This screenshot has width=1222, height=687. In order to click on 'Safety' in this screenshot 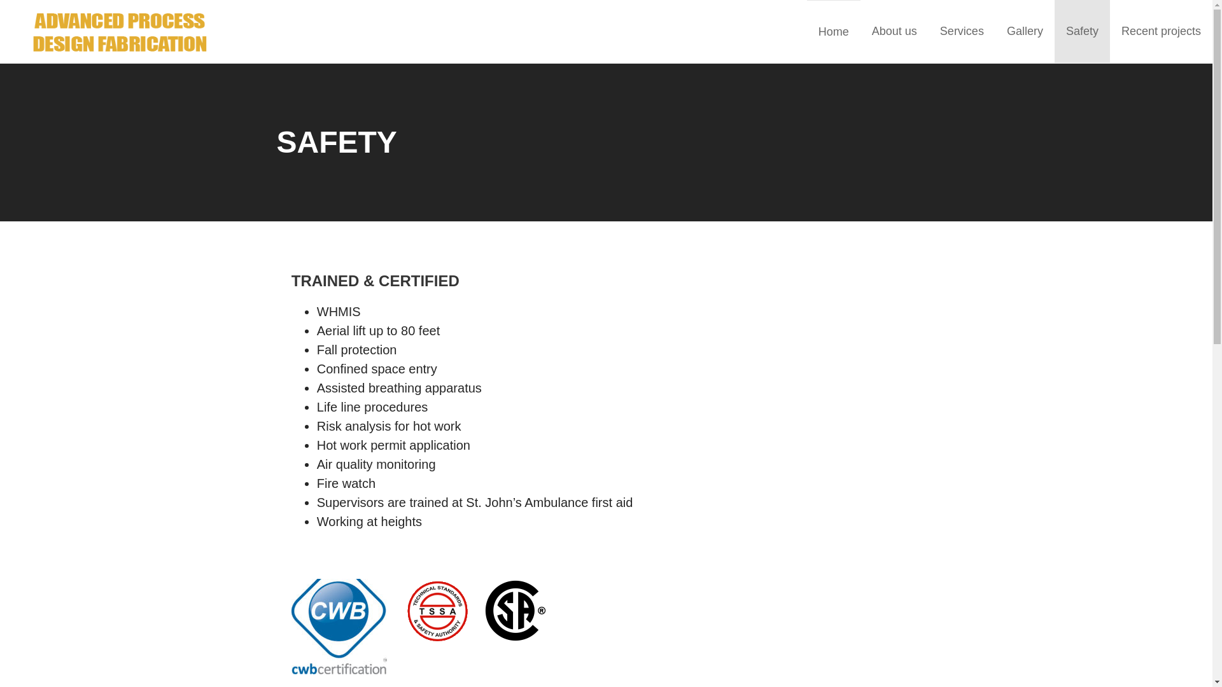, I will do `click(1081, 31)`.